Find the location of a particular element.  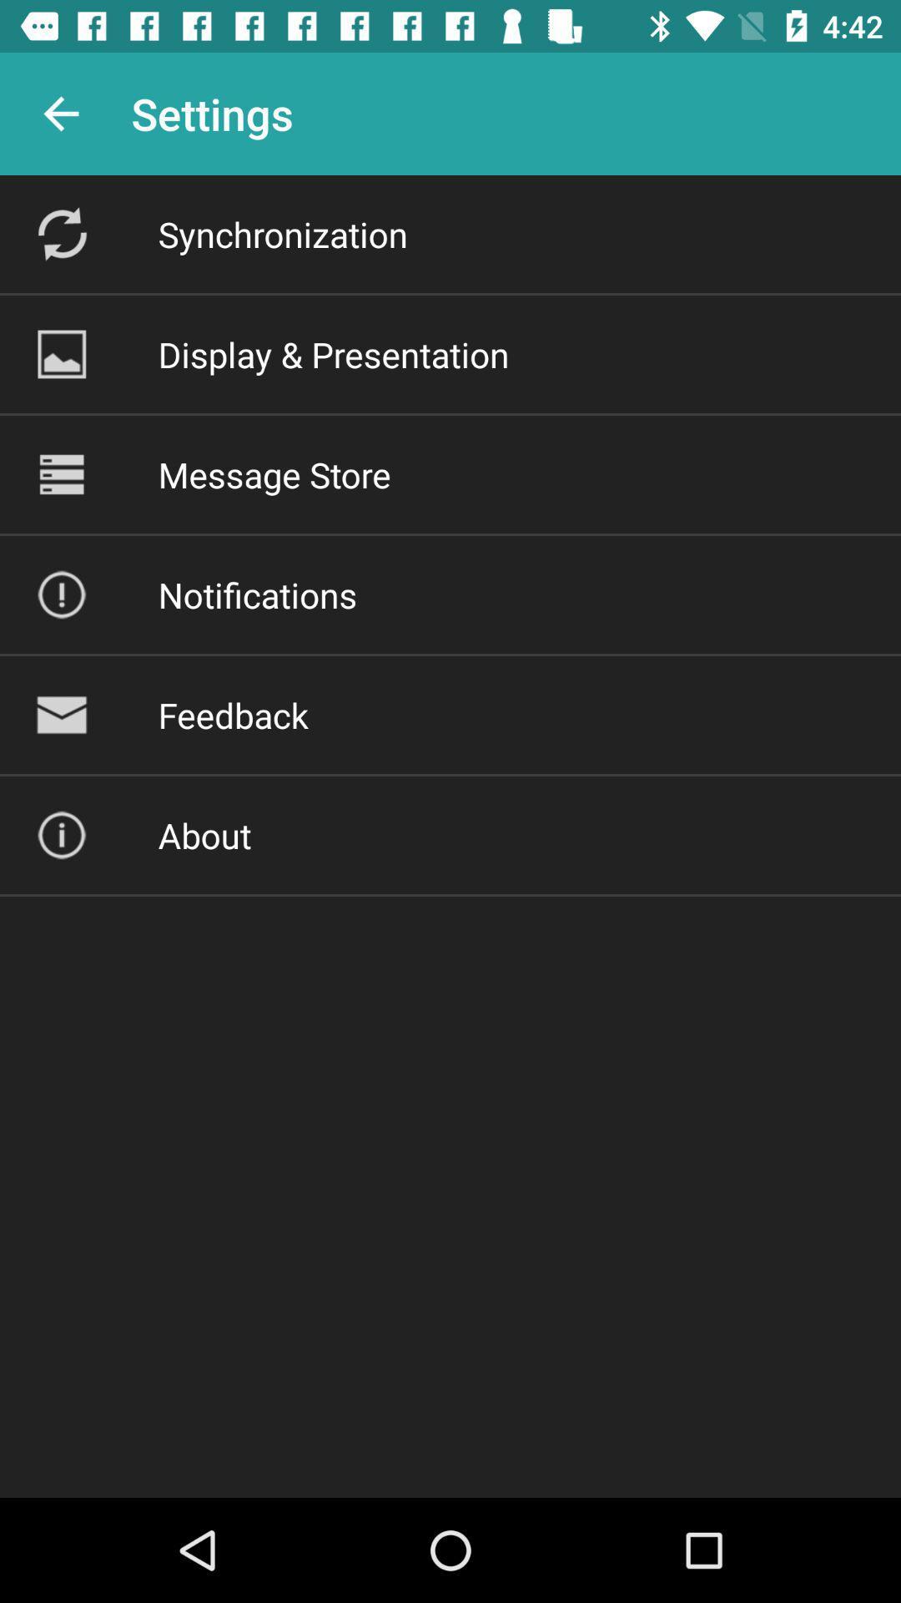

the synchronization item is located at coordinates (282, 233).